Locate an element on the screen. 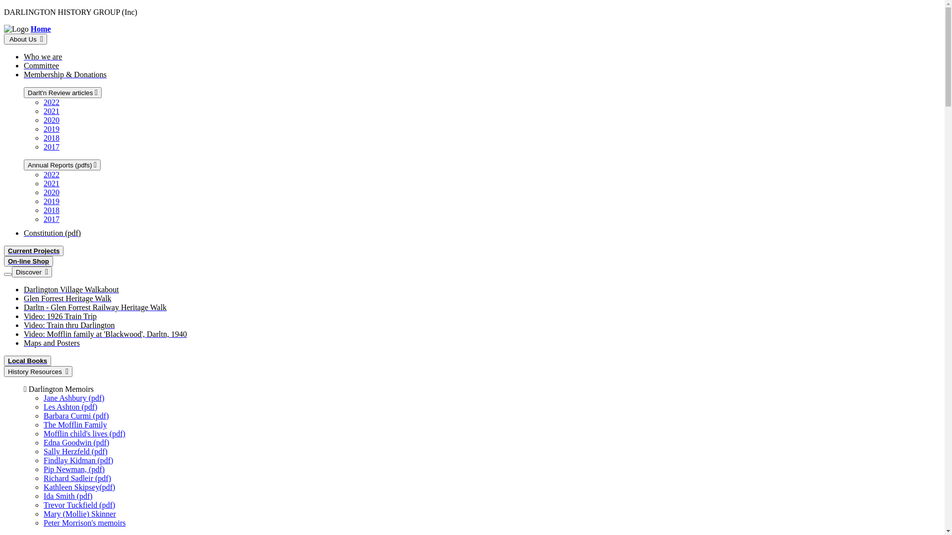 The width and height of the screenshot is (952, 535). 'Mary (Mollie) Skinner' is located at coordinates (80, 513).